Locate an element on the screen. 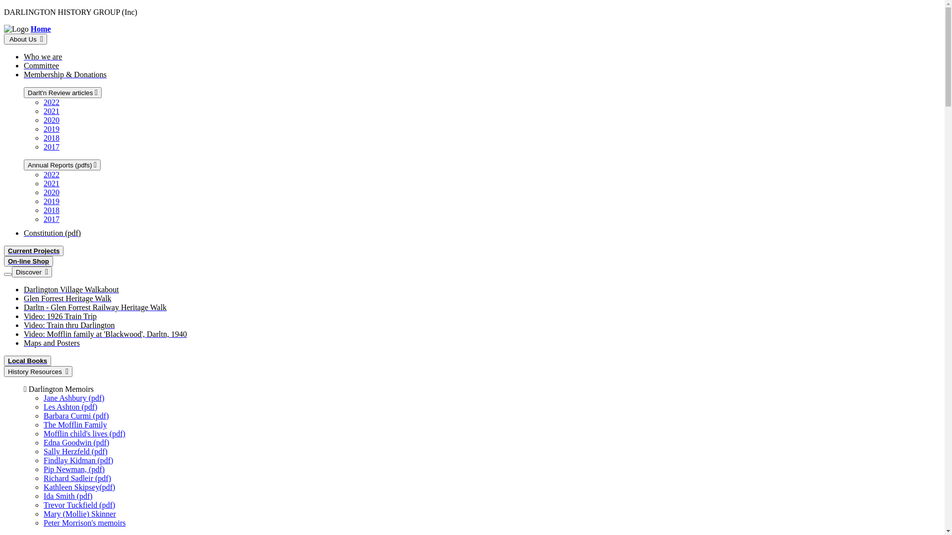 The width and height of the screenshot is (952, 535). 'Mary (Mollie) Skinner' is located at coordinates (80, 513).